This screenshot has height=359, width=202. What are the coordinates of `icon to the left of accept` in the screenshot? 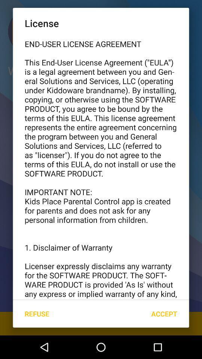 It's located at (36, 314).